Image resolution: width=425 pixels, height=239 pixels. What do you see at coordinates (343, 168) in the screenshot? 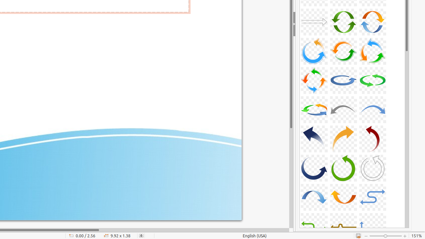
I see `'A29-CurvedArrow-Green'` at bounding box center [343, 168].